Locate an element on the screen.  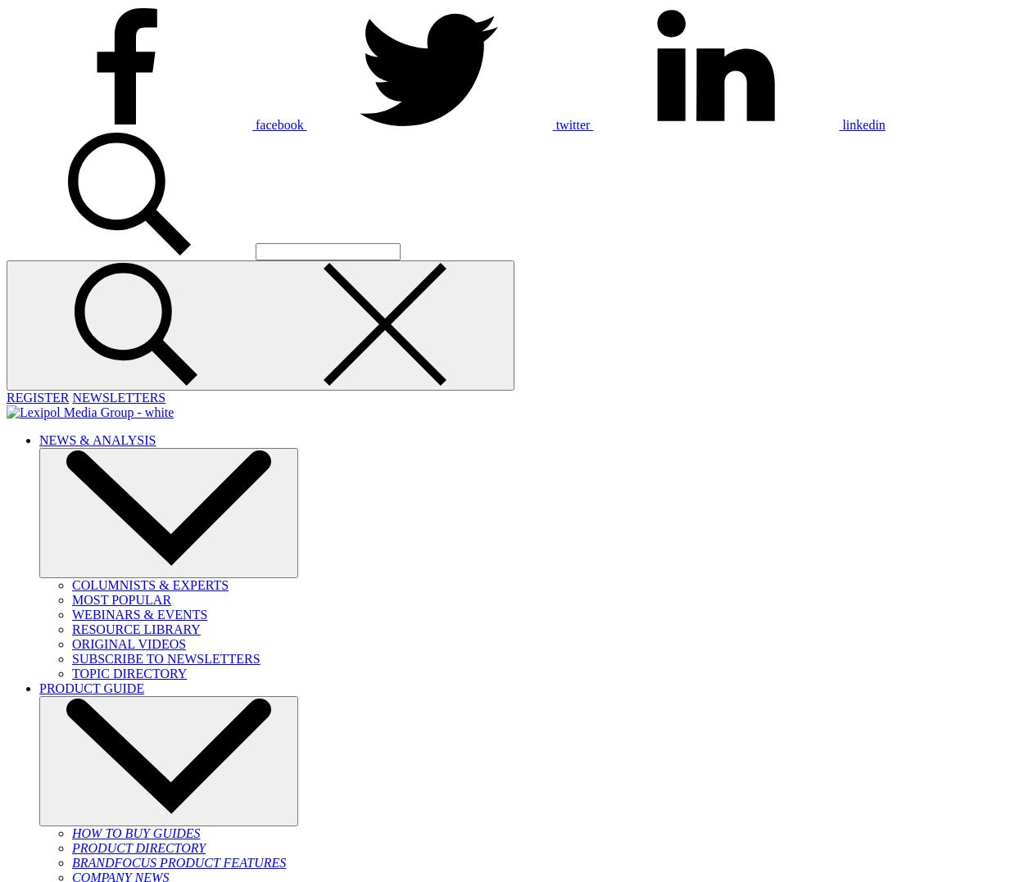
'MOST POPULAR' is located at coordinates (71, 599).